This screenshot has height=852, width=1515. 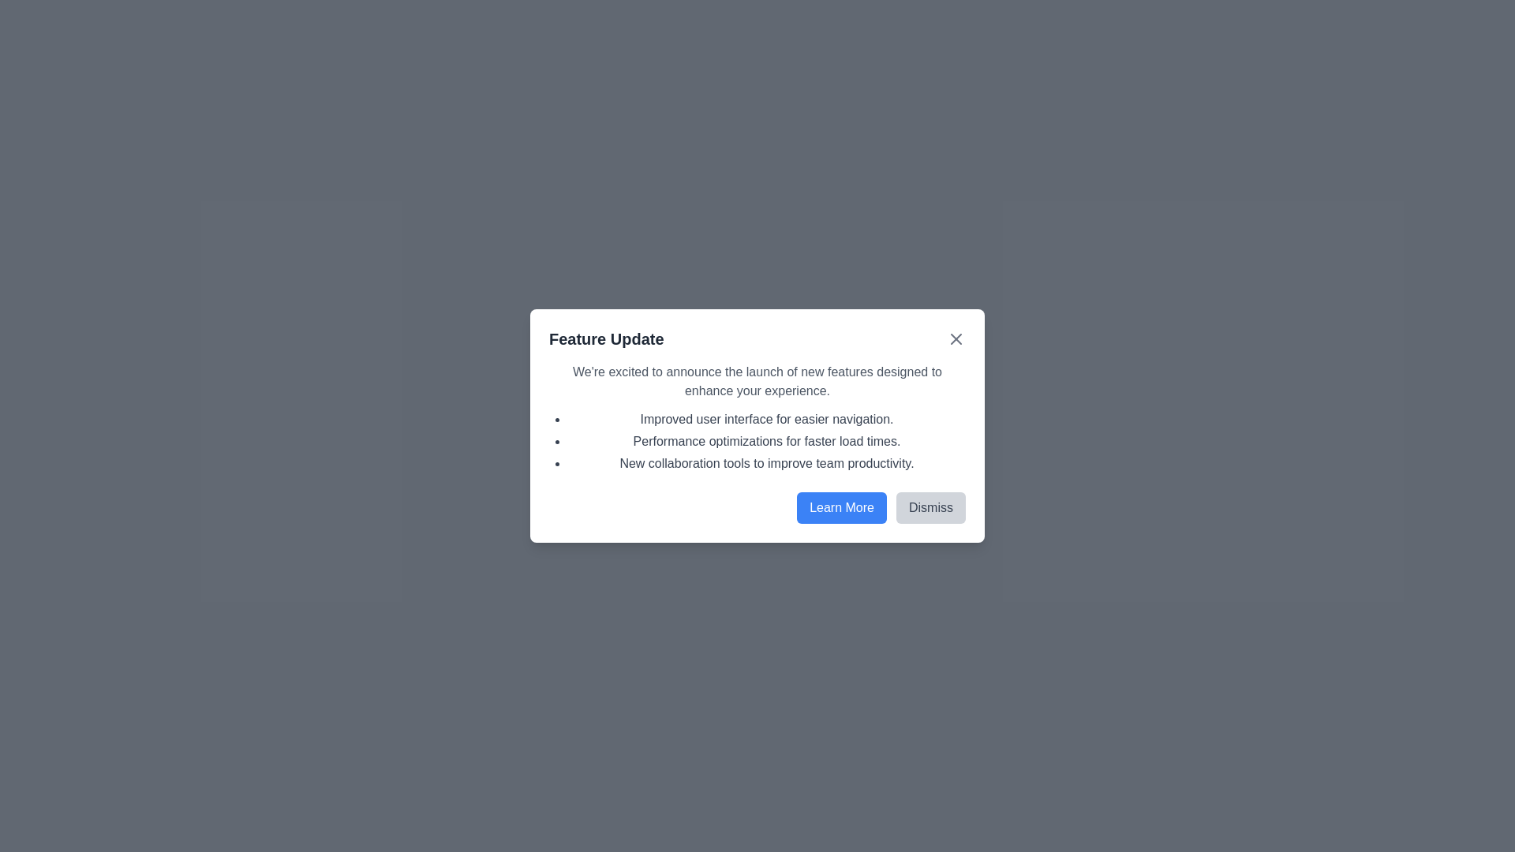 What do you see at coordinates (840, 508) in the screenshot?
I see `the 'Learn More' button to proceed to additional information` at bounding box center [840, 508].